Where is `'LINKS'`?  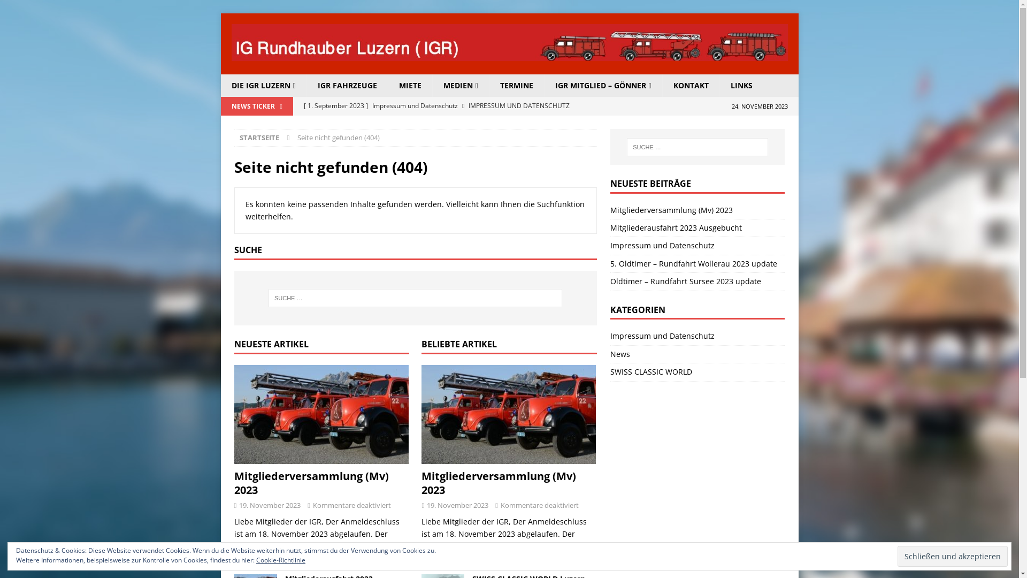 'LINKS' is located at coordinates (719, 85).